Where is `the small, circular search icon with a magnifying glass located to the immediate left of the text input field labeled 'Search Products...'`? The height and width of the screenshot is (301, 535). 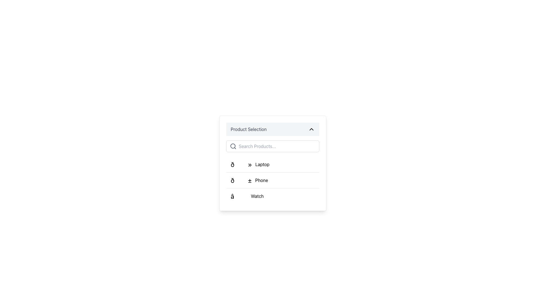
the small, circular search icon with a magnifying glass located to the immediate left of the text input field labeled 'Search Products...' is located at coordinates (233, 146).